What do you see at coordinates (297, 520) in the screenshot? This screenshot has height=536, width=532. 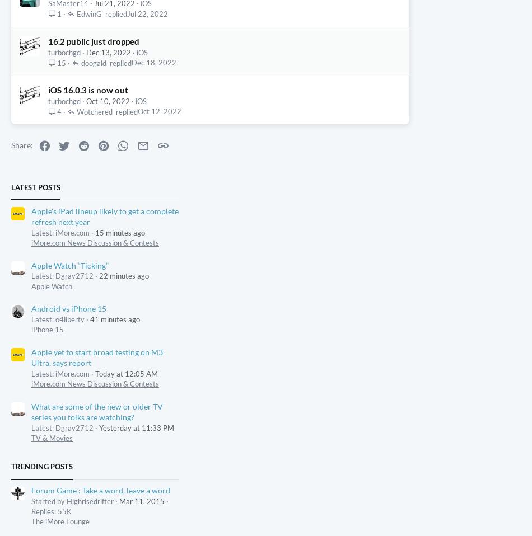 I see `'Terms & Conditions'` at bounding box center [297, 520].